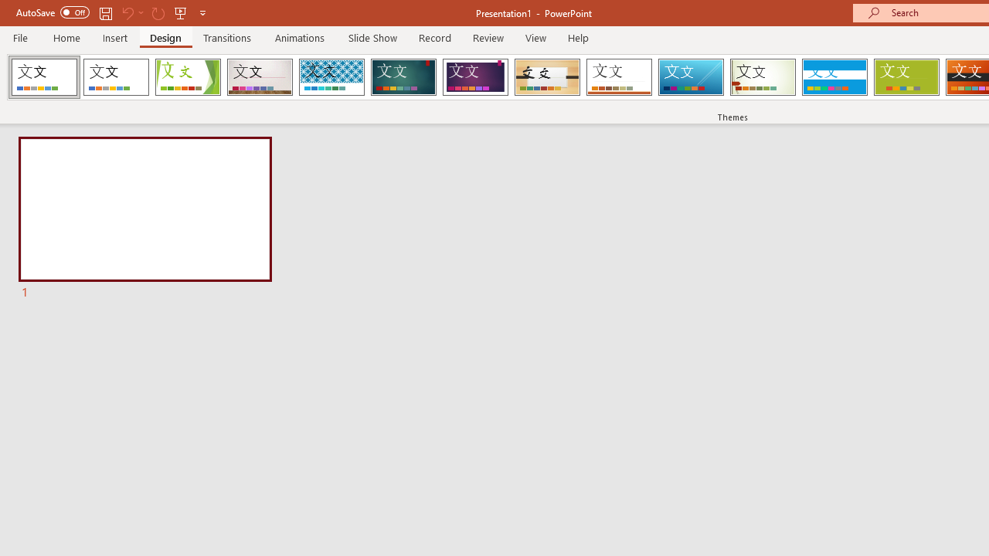 Image resolution: width=989 pixels, height=556 pixels. I want to click on 'Office Theme', so click(115, 77).